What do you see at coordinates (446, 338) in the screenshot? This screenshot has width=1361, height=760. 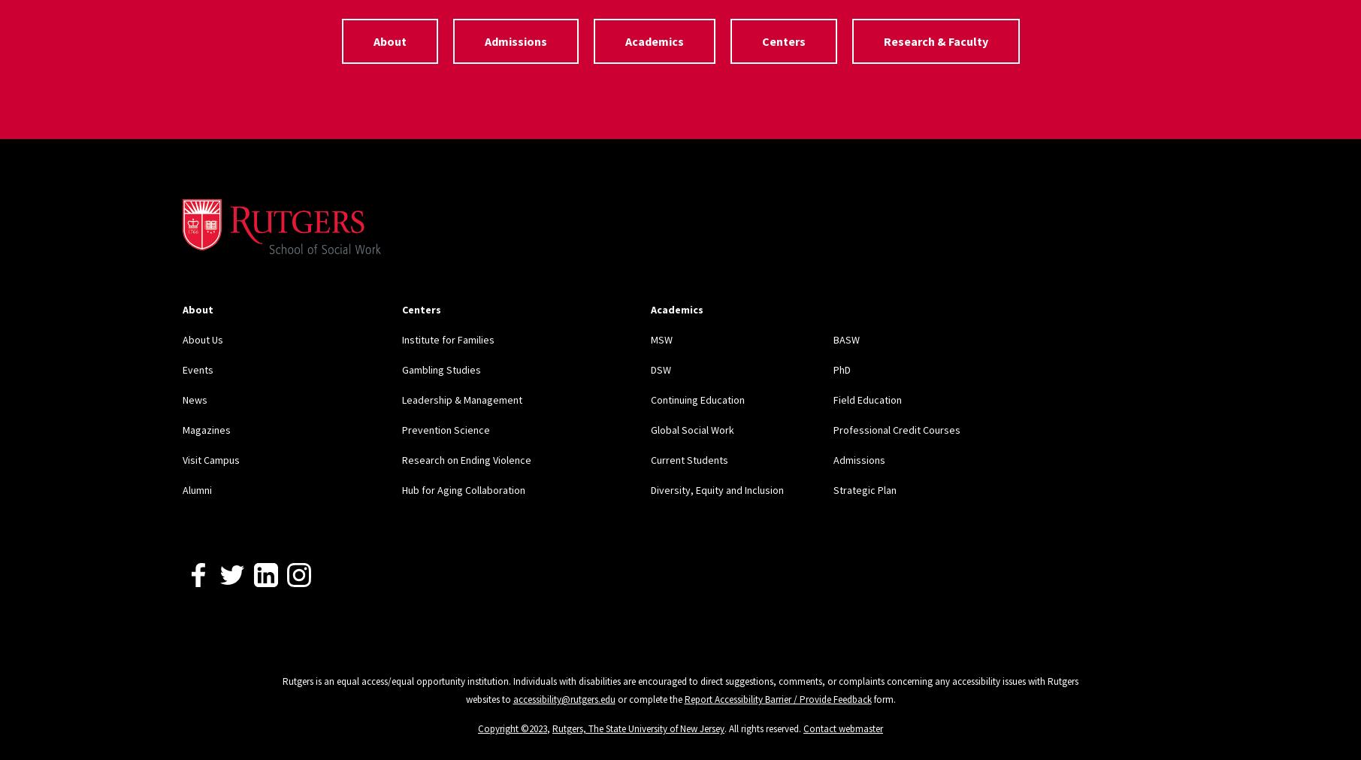 I see `'Institute for Families'` at bounding box center [446, 338].